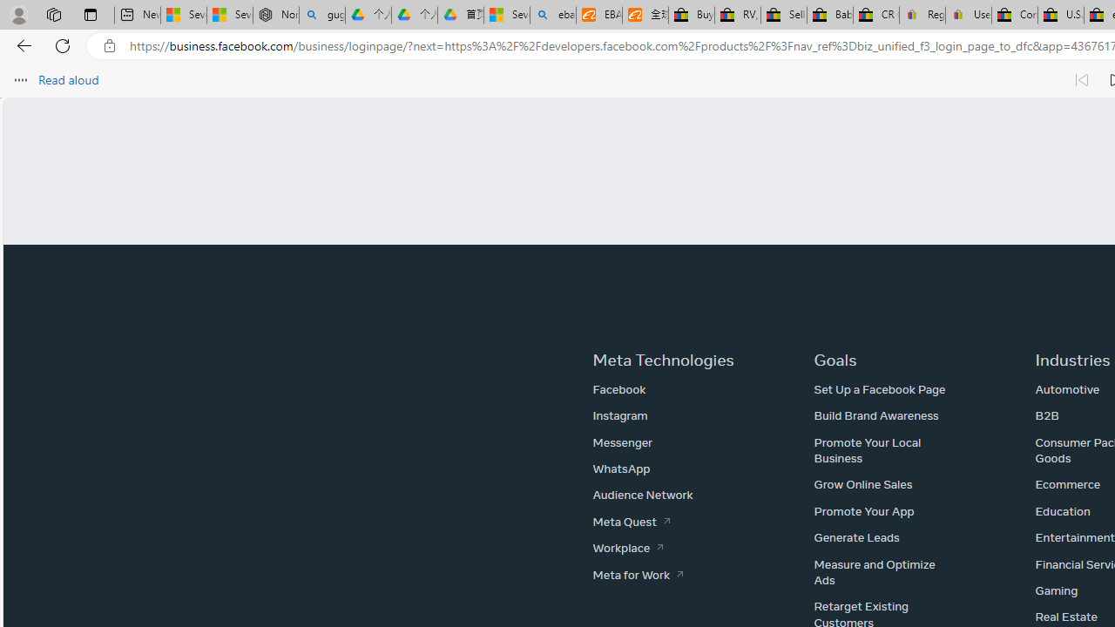 The height and width of the screenshot is (627, 1115). Describe the element at coordinates (1066, 388) in the screenshot. I see `'Automotive'` at that location.